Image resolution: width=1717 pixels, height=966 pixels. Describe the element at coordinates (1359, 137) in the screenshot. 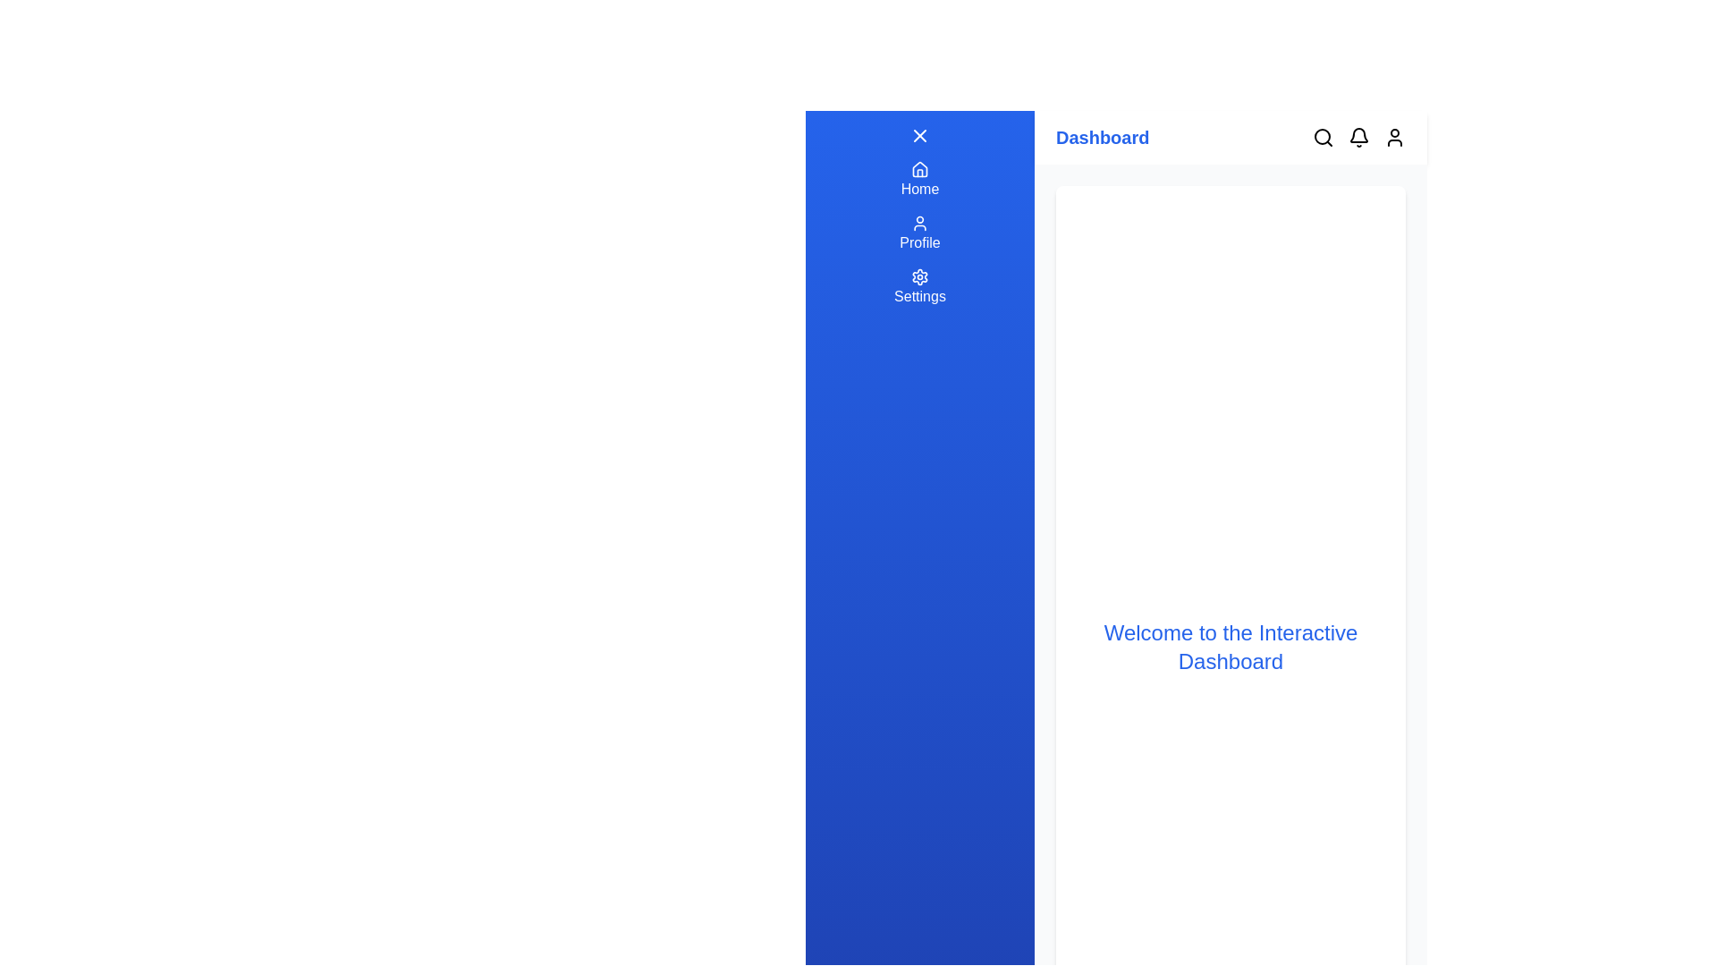

I see `the notification bell icon located in the top-right corner of the navigation bar` at that location.